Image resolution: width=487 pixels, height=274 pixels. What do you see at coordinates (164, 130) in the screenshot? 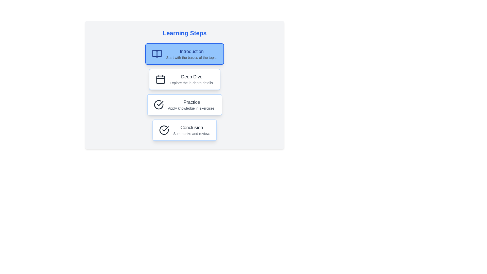
I see `the circular icon with a checkmark that symbolizes a completed action, located to the left of the text block reading 'Conclusion Summarize and review.'` at bounding box center [164, 130].